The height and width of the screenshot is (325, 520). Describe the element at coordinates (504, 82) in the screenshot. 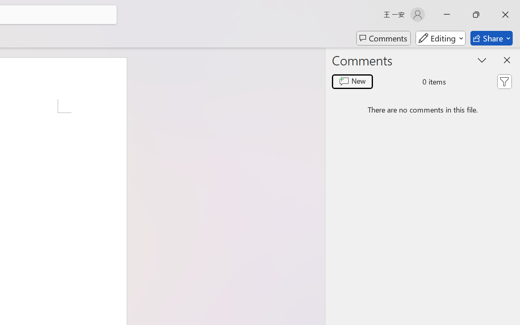

I see `'Filter'` at that location.